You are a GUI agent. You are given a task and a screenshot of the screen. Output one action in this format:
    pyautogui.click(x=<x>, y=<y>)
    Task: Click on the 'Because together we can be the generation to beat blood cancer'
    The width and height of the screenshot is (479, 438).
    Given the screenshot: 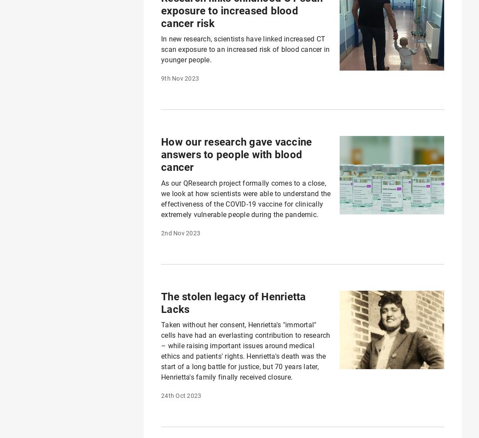 What is the action you would take?
    pyautogui.click(x=400, y=376)
    